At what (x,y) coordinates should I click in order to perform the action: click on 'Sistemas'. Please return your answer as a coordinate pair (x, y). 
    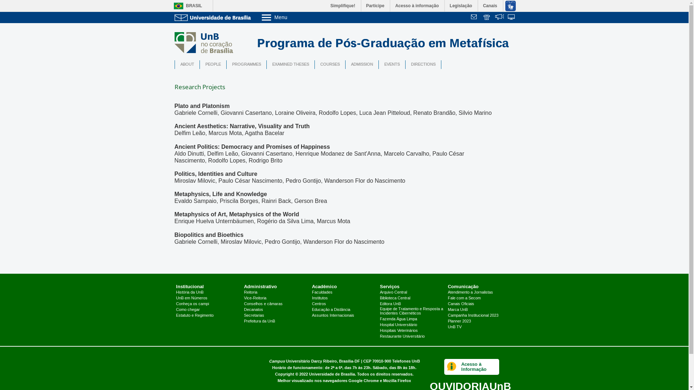
    Looking at the image, I should click on (511, 17).